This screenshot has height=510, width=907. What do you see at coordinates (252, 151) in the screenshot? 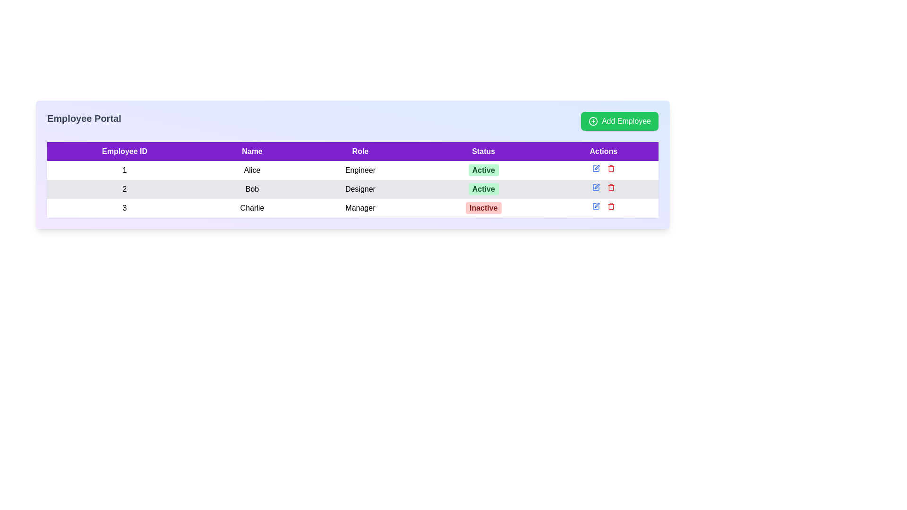
I see `the second table header cell to sort the column containing employee names, located between 'Employee ID' and 'Role'` at bounding box center [252, 151].